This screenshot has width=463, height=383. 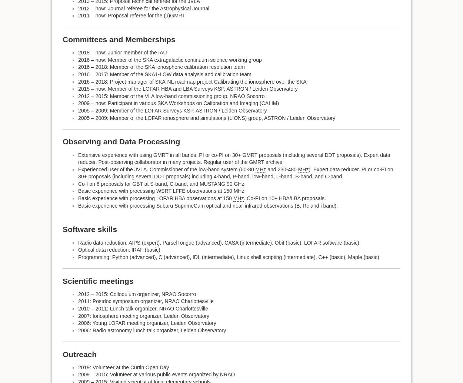 I want to click on '). Expert data reducer. PI or co-PI on 30+ proposals (including several DDT proposals) including 4-band, P-band, low-band, L-band, S-band, and C-band.', so click(x=236, y=172).